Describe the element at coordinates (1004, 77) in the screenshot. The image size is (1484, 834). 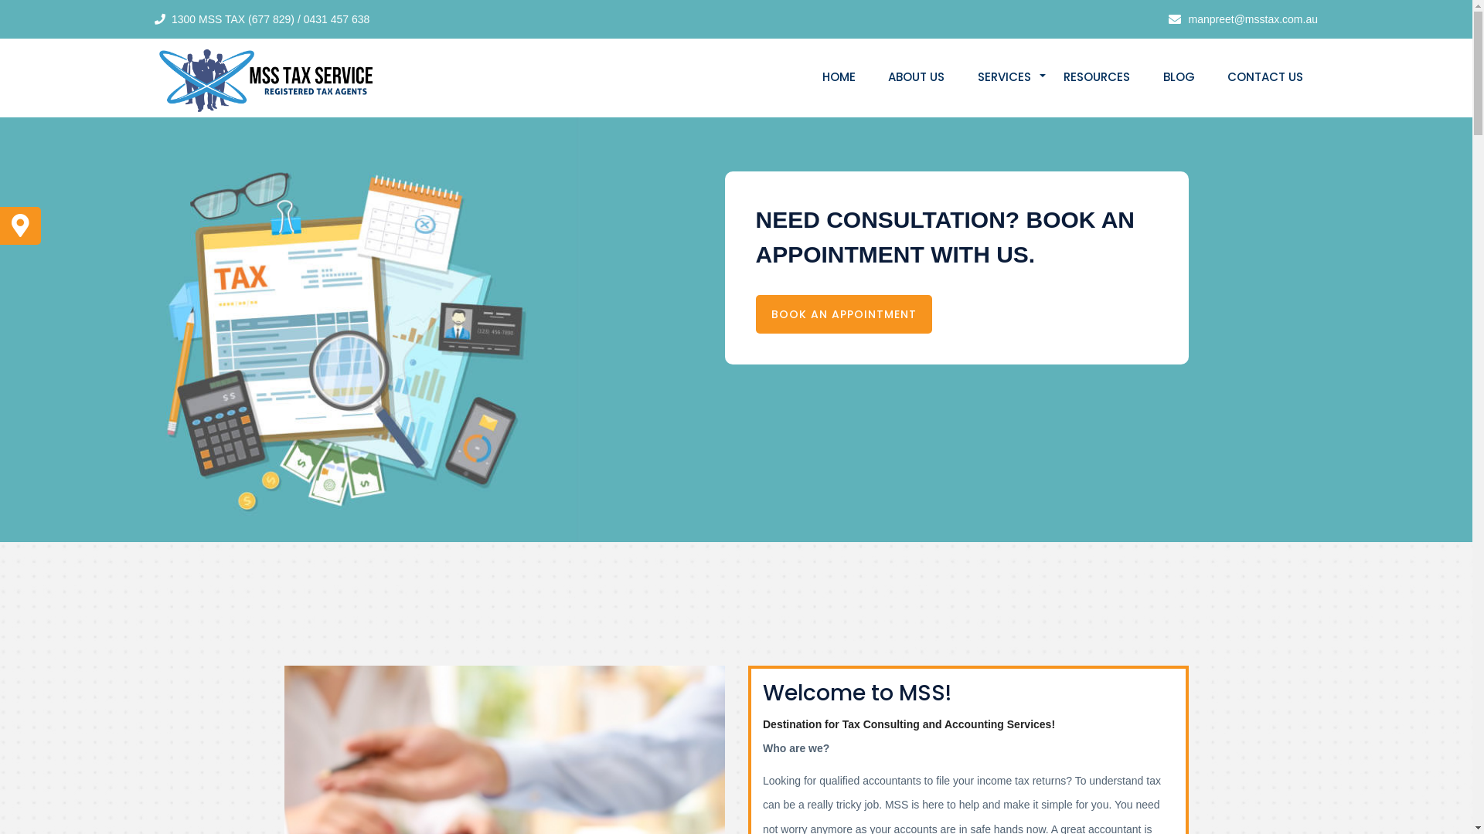
I see `'SERVICES'` at that location.